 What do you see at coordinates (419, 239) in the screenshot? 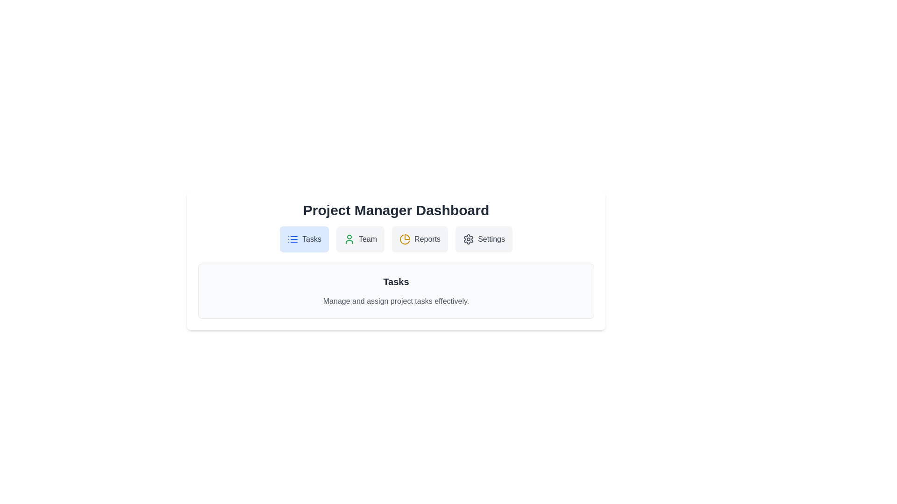
I see `the Reports tab` at bounding box center [419, 239].